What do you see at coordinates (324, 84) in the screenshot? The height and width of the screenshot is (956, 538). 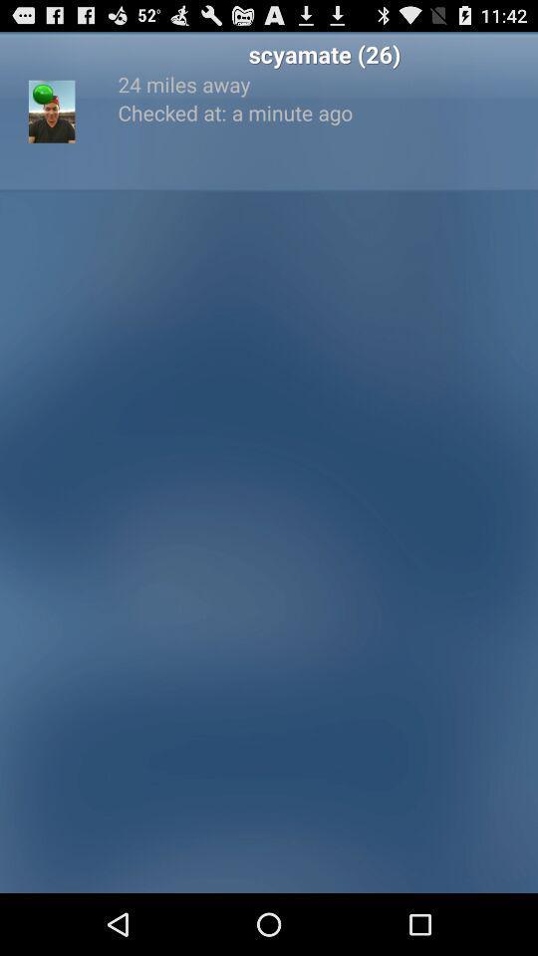 I see `the icon below the scyamate (26) app` at bounding box center [324, 84].